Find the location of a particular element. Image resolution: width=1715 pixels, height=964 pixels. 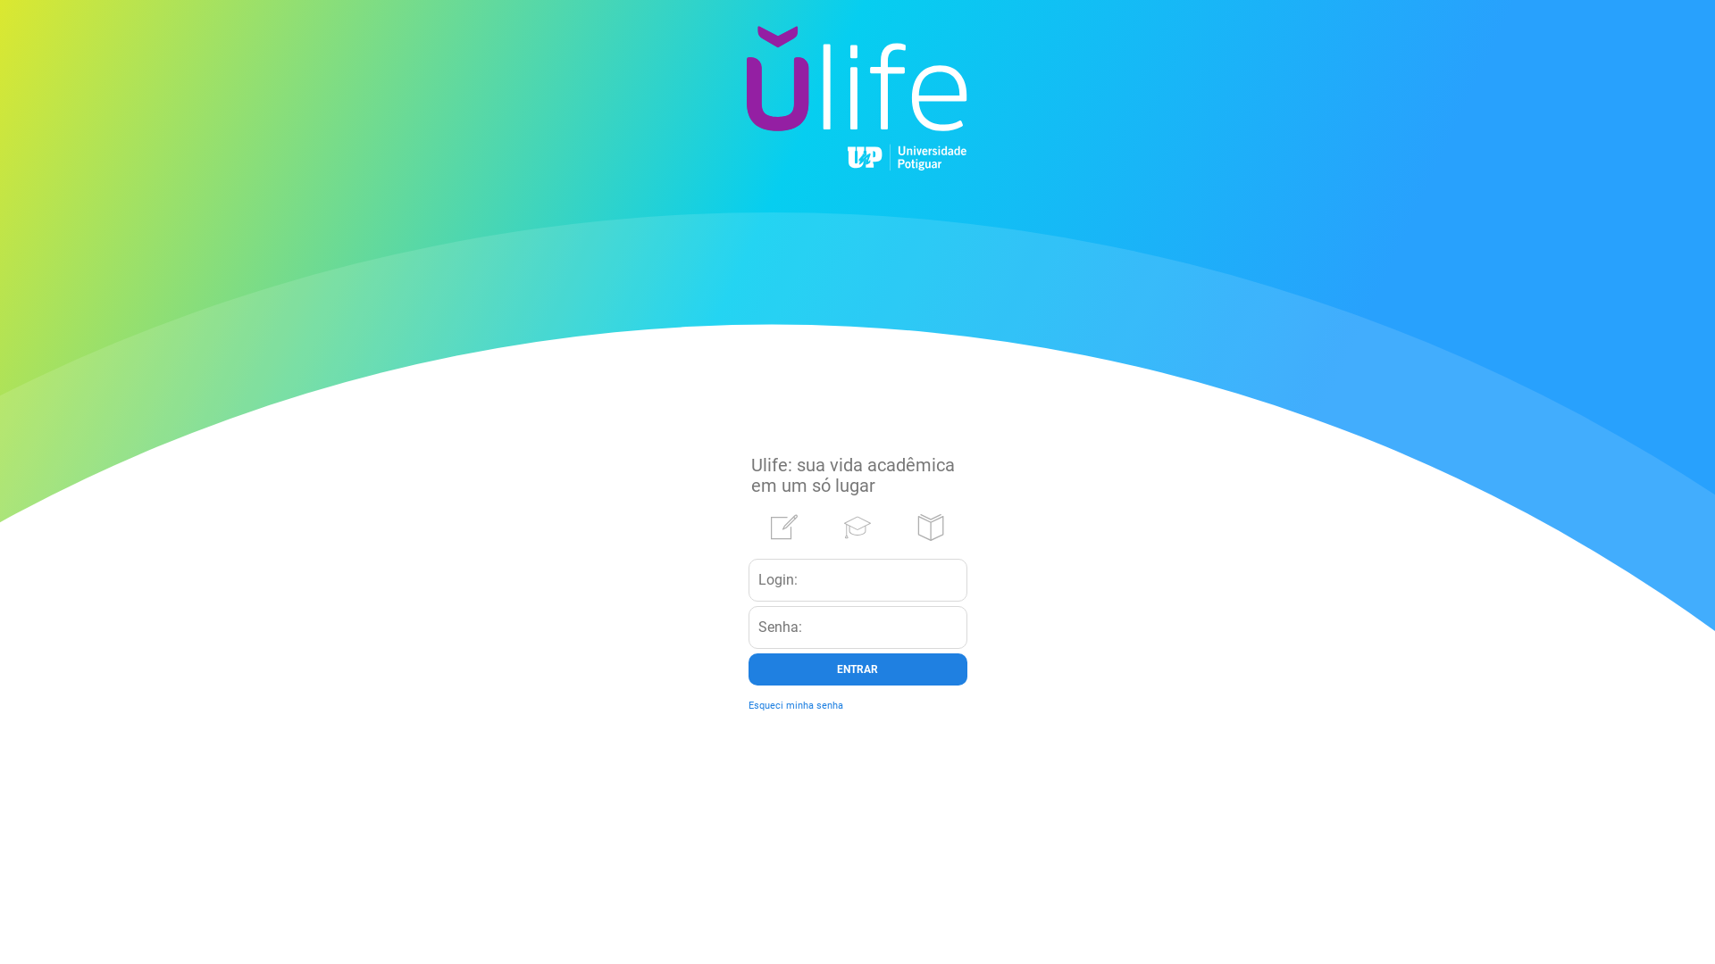

'Esqueci minha senha' is located at coordinates (795, 704).